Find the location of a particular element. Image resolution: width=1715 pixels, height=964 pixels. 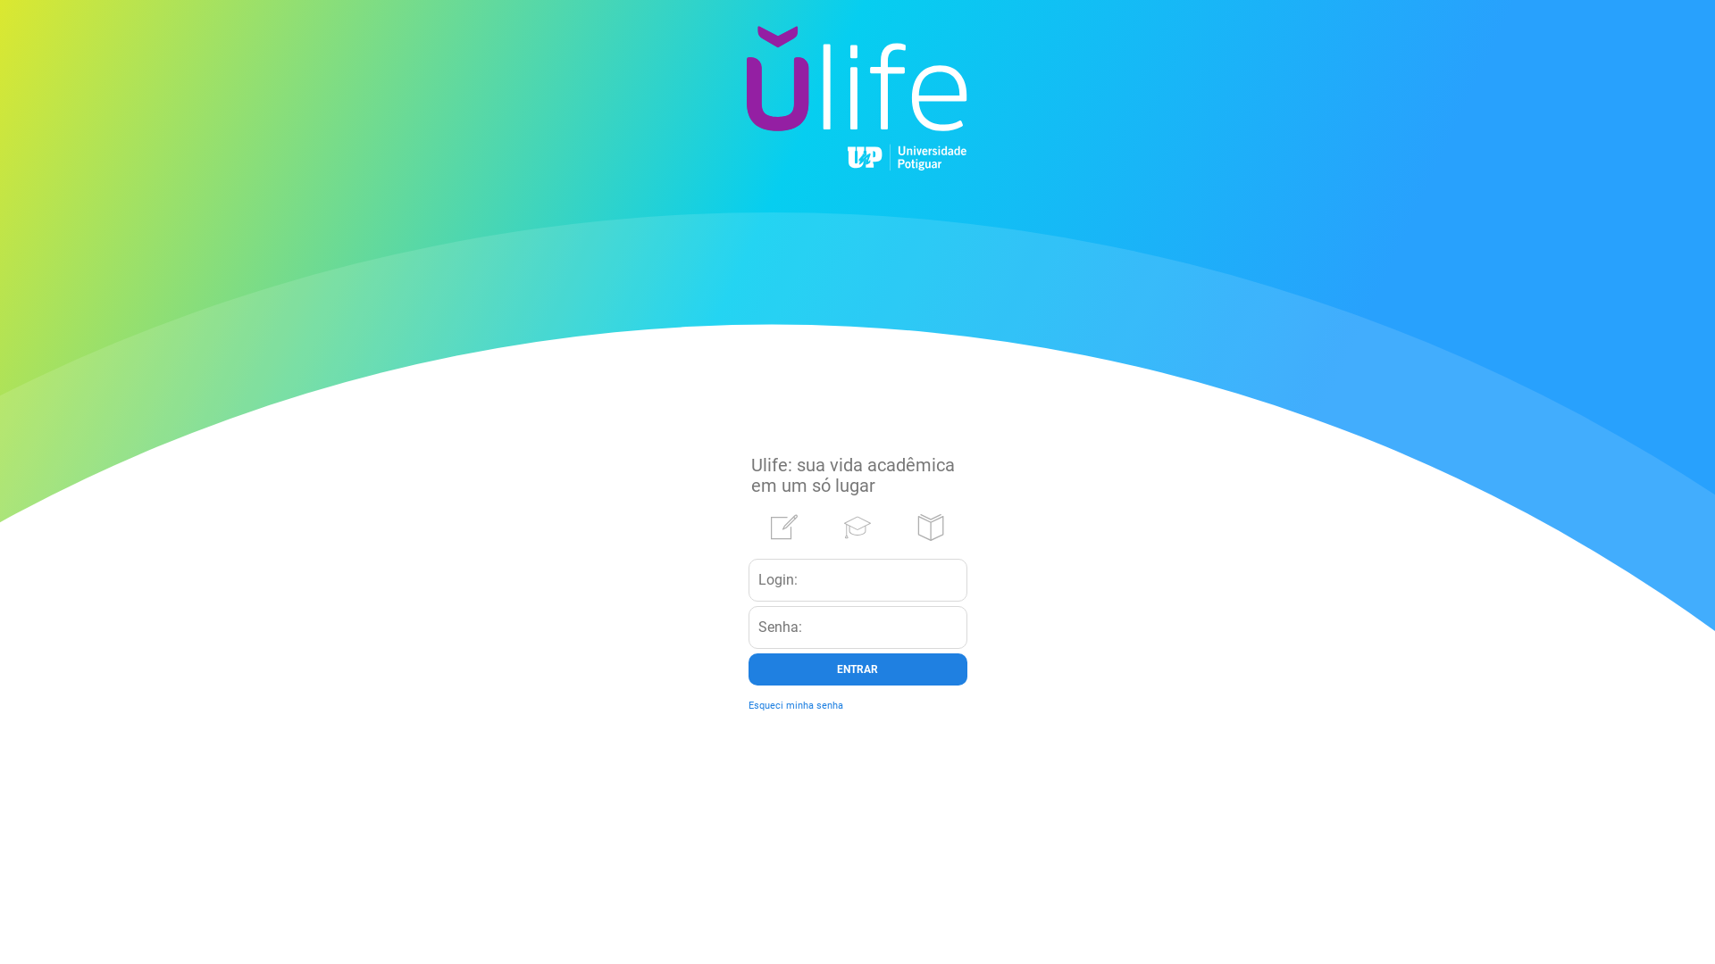

'Esqueci minha senha' is located at coordinates (795, 704).